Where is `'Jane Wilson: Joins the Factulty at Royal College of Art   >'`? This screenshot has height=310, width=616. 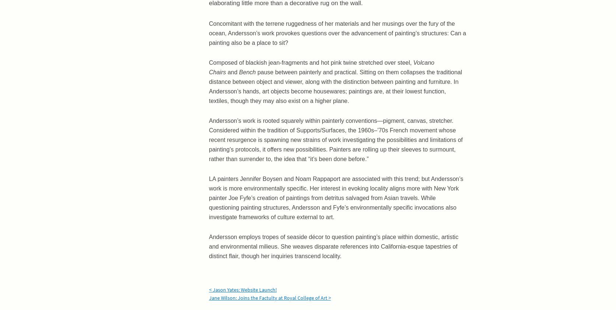 'Jane Wilson: Joins the Factulty at Royal College of Art   >' is located at coordinates (270, 297).